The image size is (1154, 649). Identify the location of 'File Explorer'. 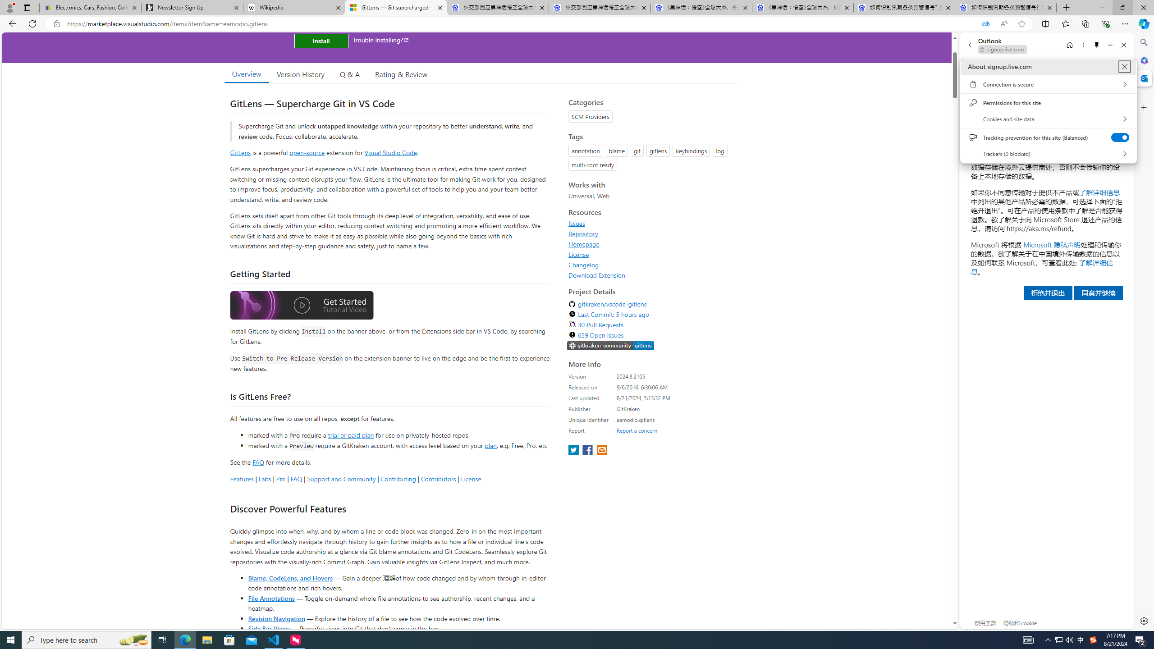
(206, 639).